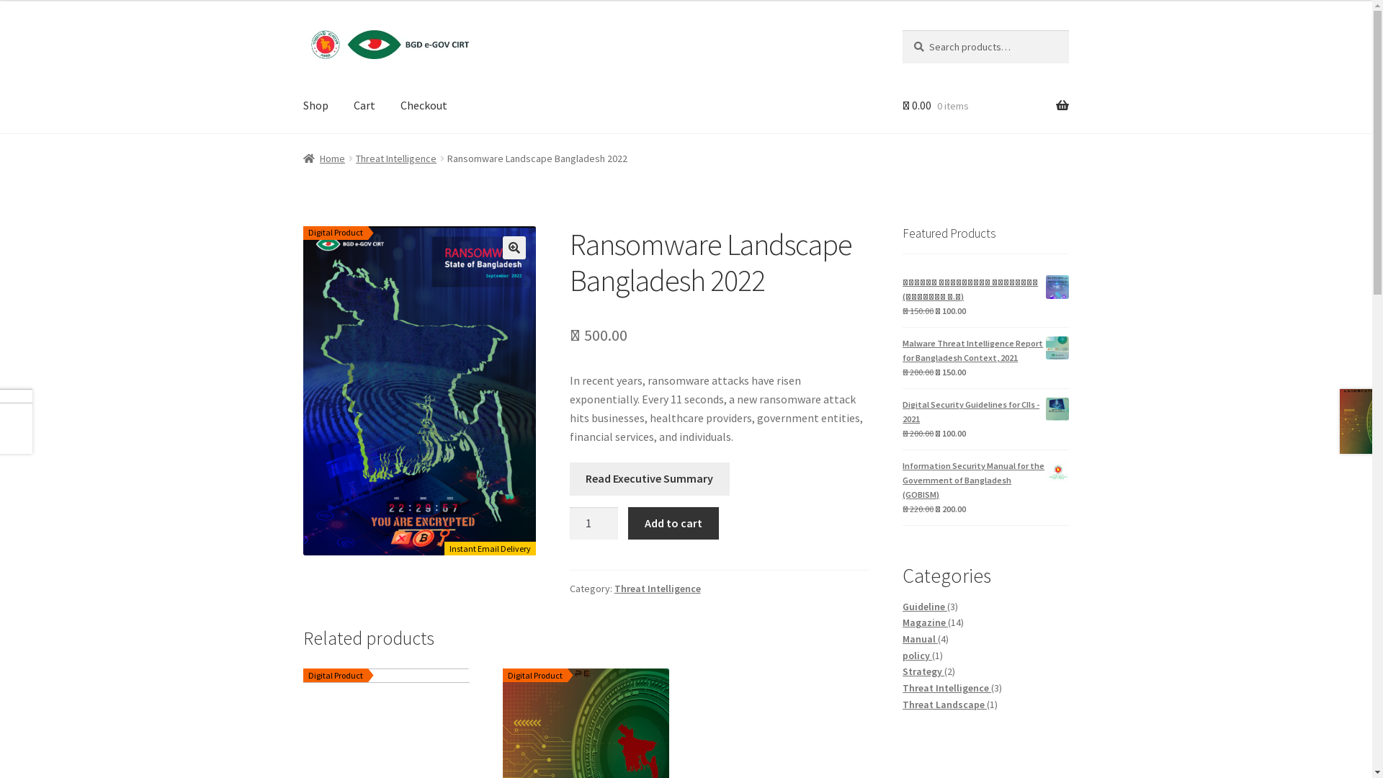 The image size is (1383, 778). I want to click on 'Ransom-State-BG-v2-small', so click(419, 391).